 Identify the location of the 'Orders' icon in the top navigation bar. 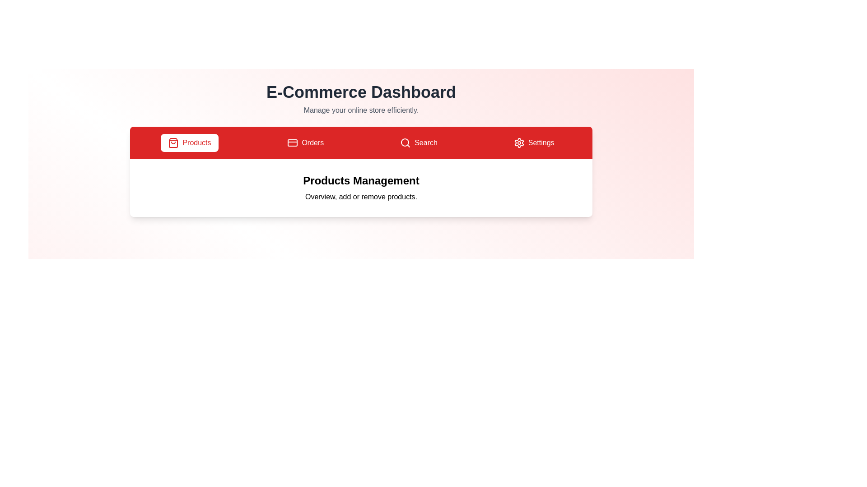
(293, 142).